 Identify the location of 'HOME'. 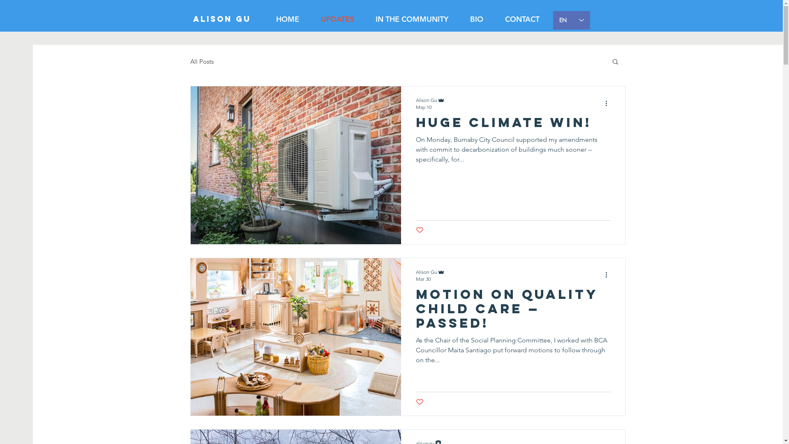
(288, 18).